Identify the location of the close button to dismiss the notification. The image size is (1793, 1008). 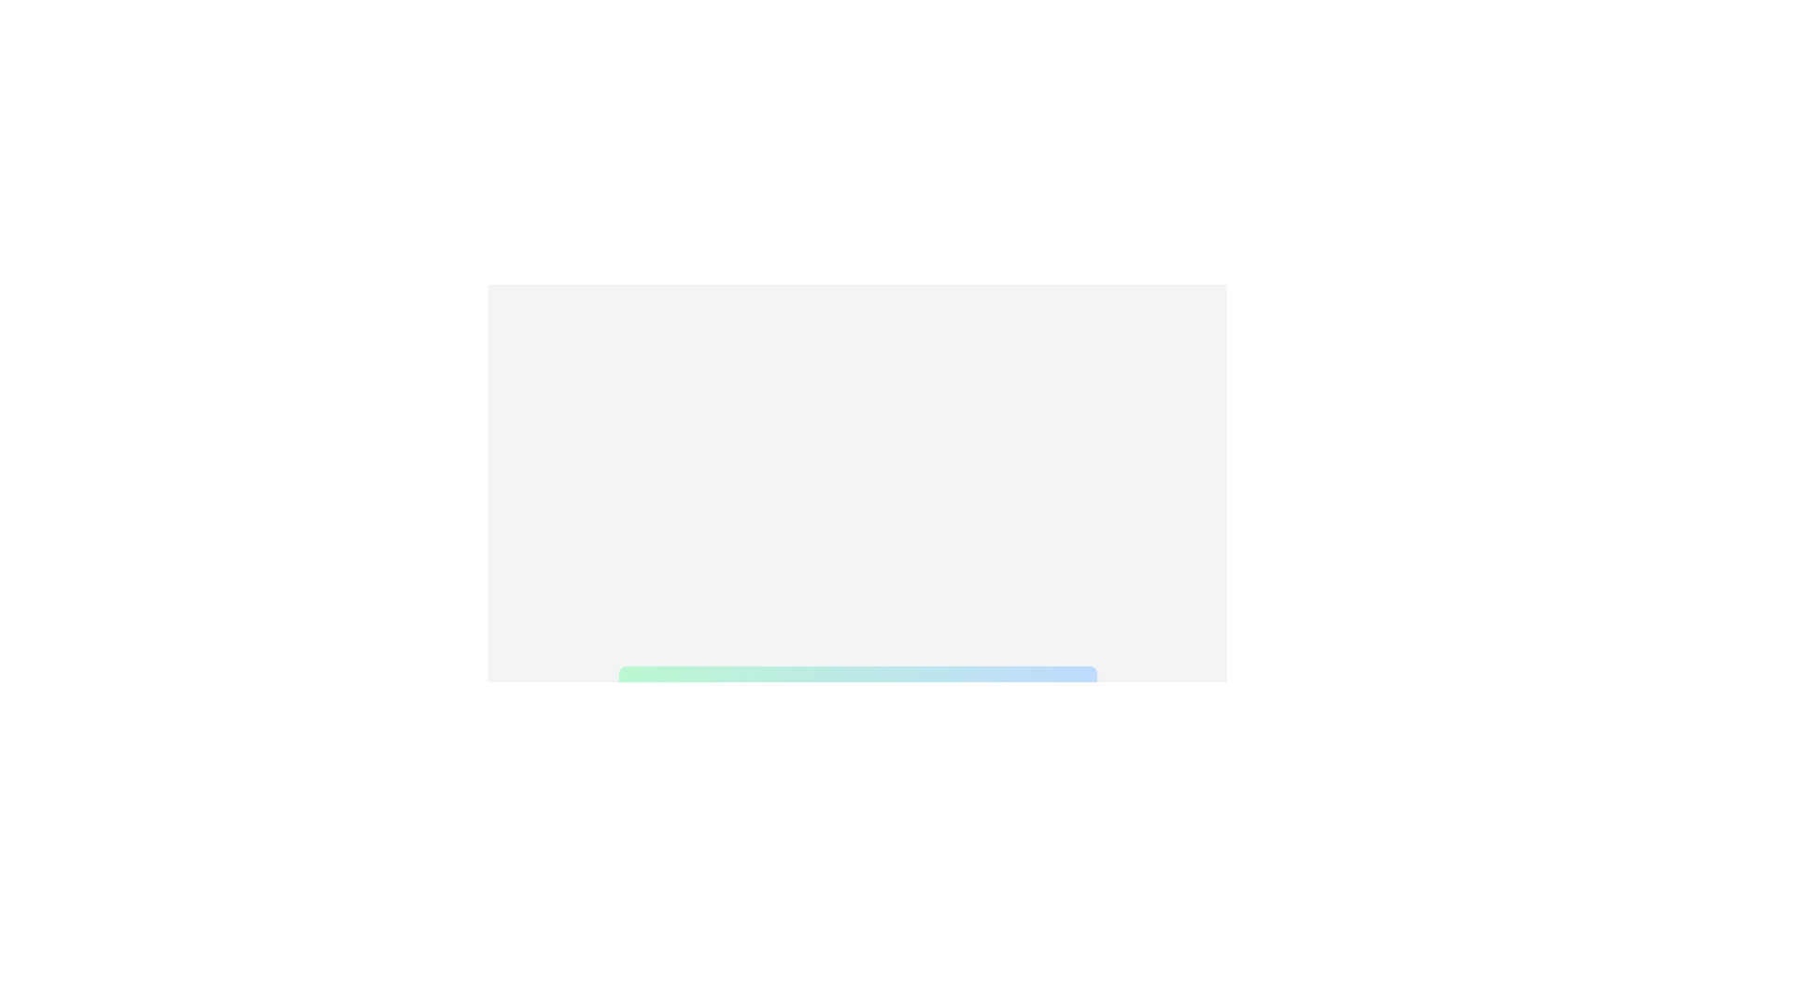
(1070, 692).